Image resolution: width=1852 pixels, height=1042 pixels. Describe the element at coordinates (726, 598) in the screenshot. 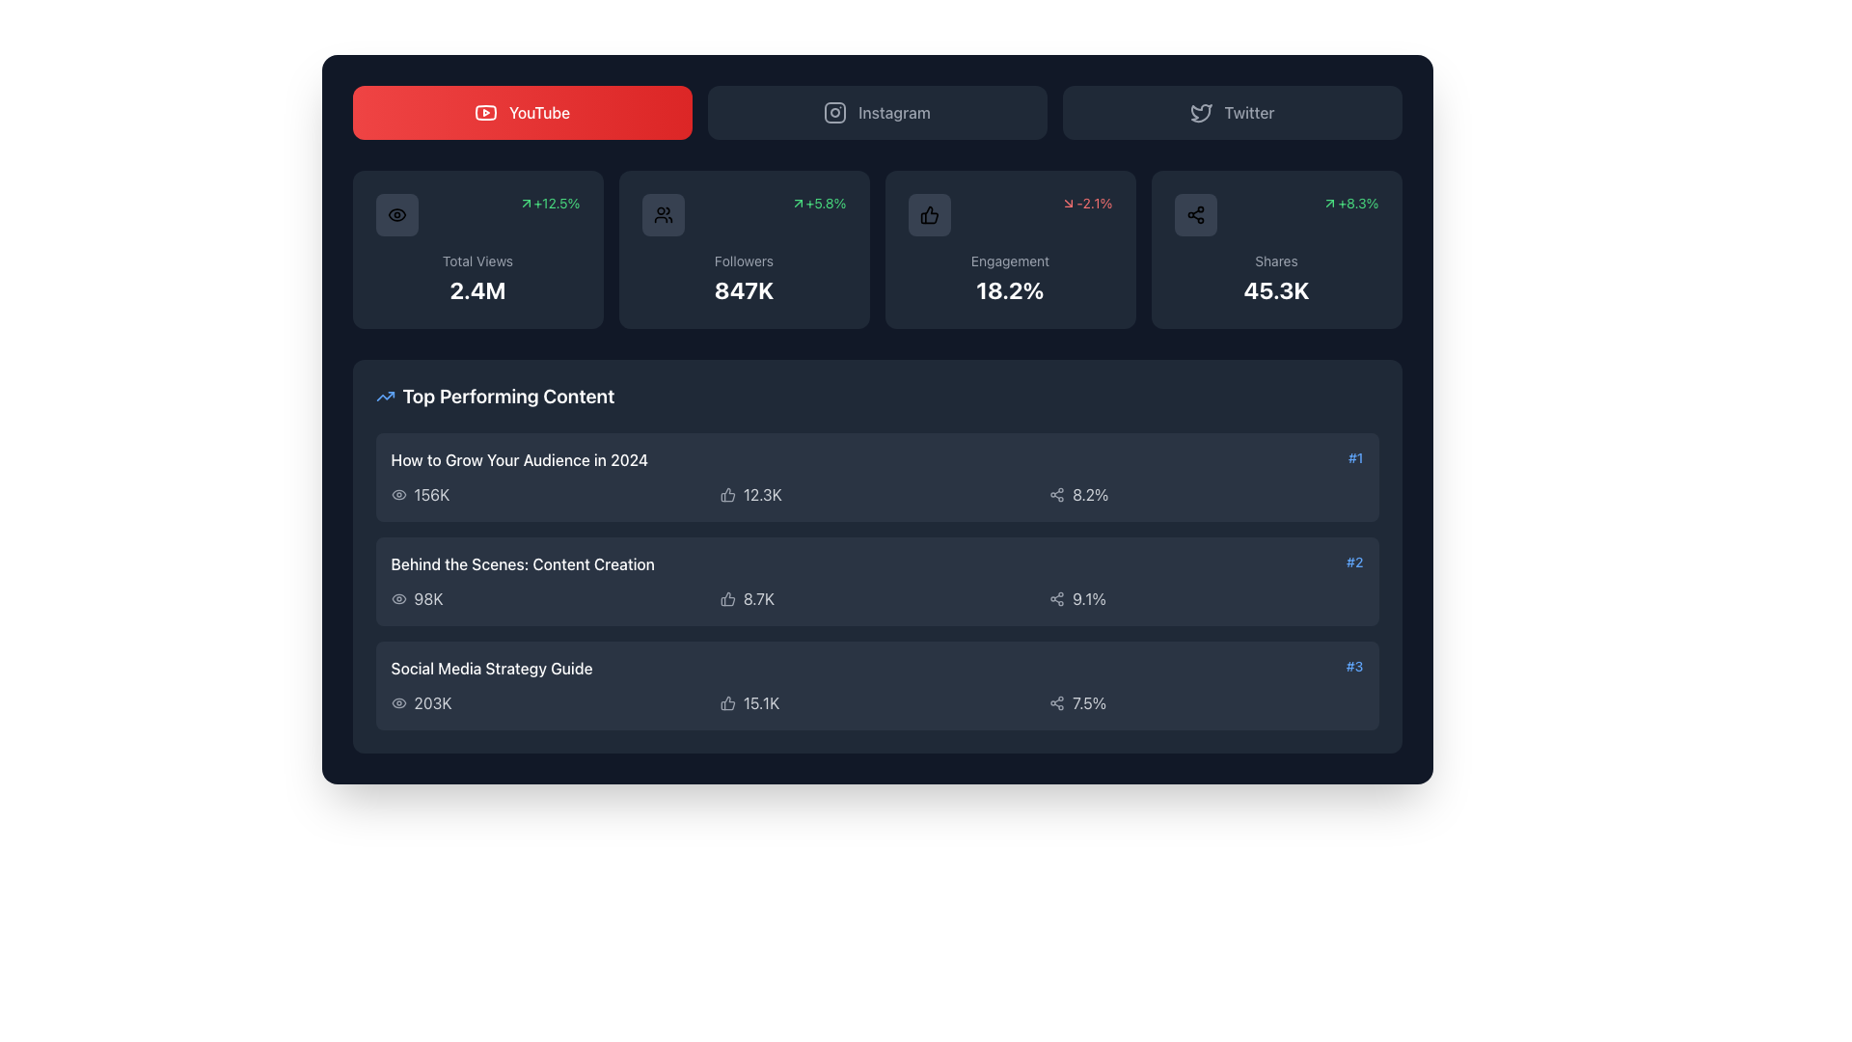

I see `the gray thumbs-up icon located to the left of the numeric value '8.7K' in the 'Top Performing Content' section, adjacent to the content item 'Behind the Scenes: Content Creation'` at that location.